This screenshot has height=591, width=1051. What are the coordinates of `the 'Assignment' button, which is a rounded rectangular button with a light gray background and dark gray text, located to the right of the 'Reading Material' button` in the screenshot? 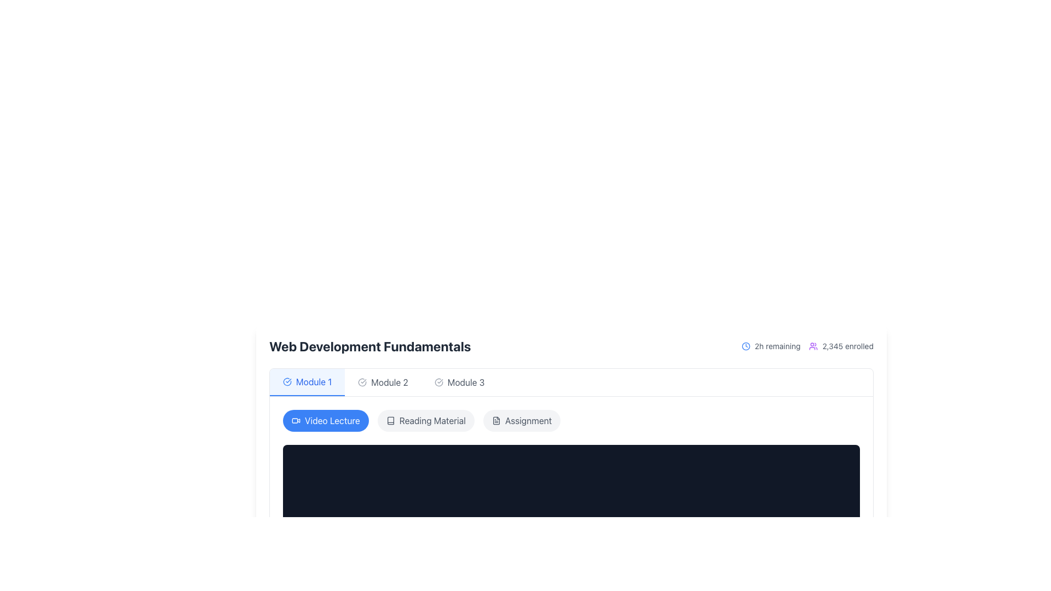 It's located at (521, 420).